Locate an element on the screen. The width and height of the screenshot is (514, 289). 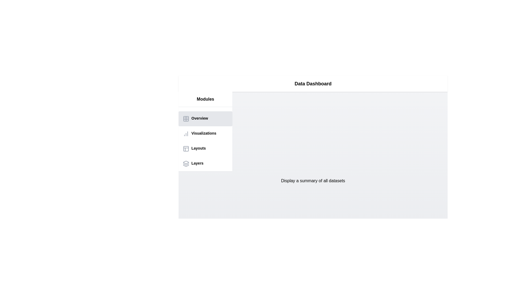
the Visualizations tab in the sidebar is located at coordinates (205, 134).